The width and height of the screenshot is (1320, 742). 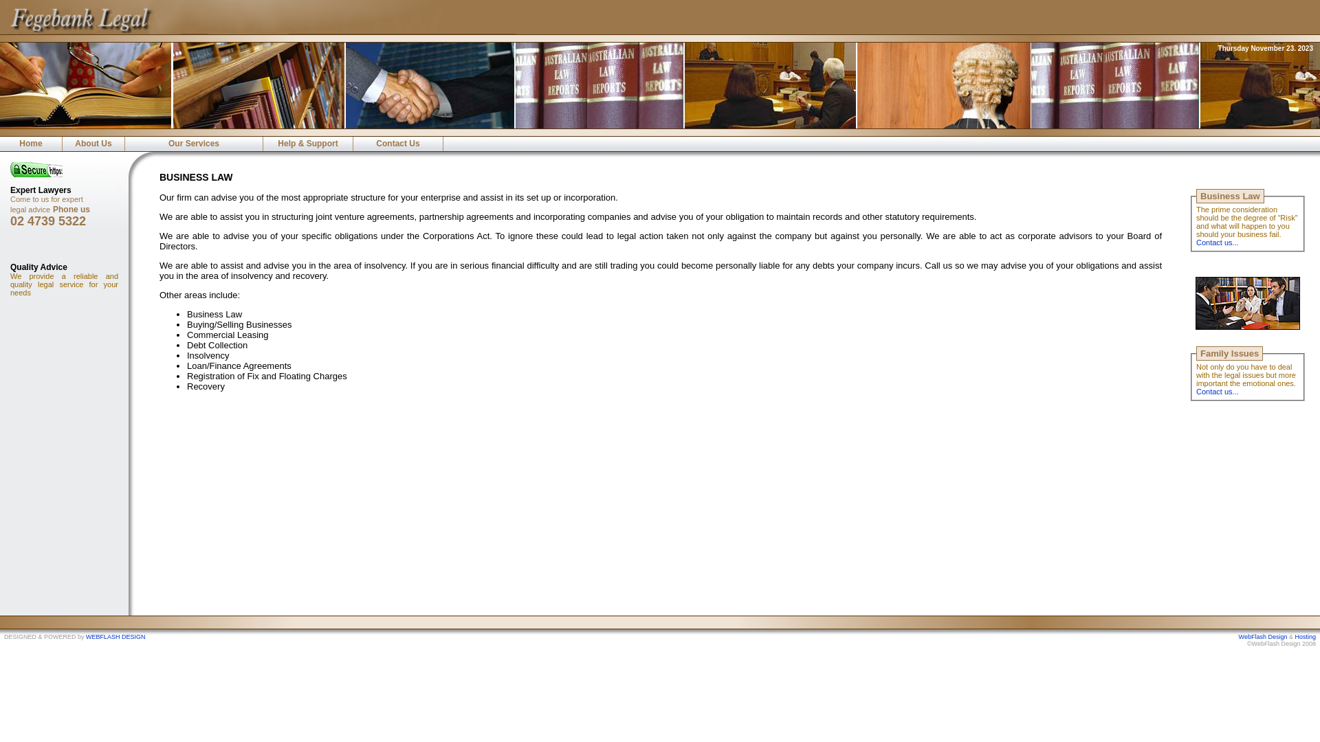 I want to click on 'Contact Us', so click(x=397, y=144).